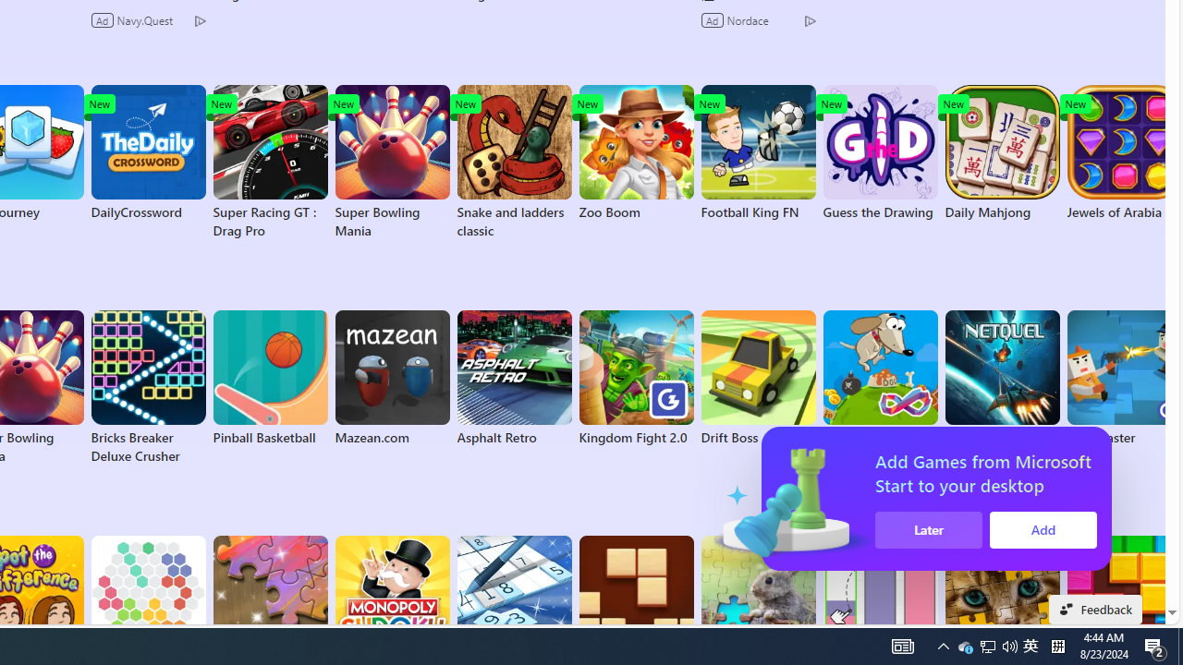  I want to click on 'Bricks Breaker Deluxe Crusher', so click(148, 387).